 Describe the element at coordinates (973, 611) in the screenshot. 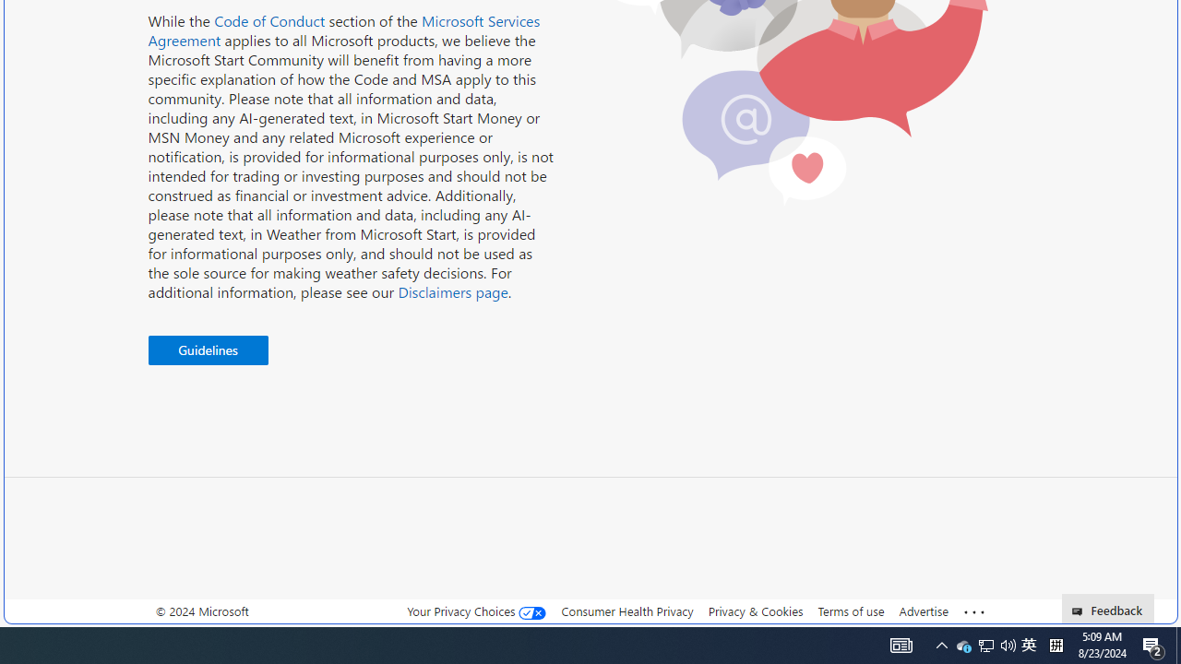

I see `'Class: oneFooter_seeMore-DS-EntryPoint1-1'` at that location.